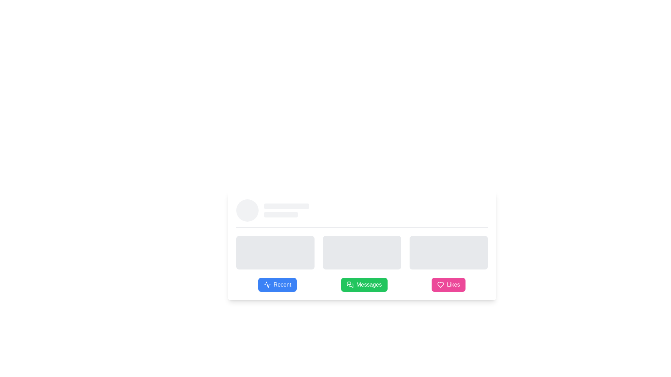  Describe the element at coordinates (267, 285) in the screenshot. I see `the SVG Icon representing recent activities, located to the left of the 'Recent' label in the button group at the bottom left of the UI` at that location.